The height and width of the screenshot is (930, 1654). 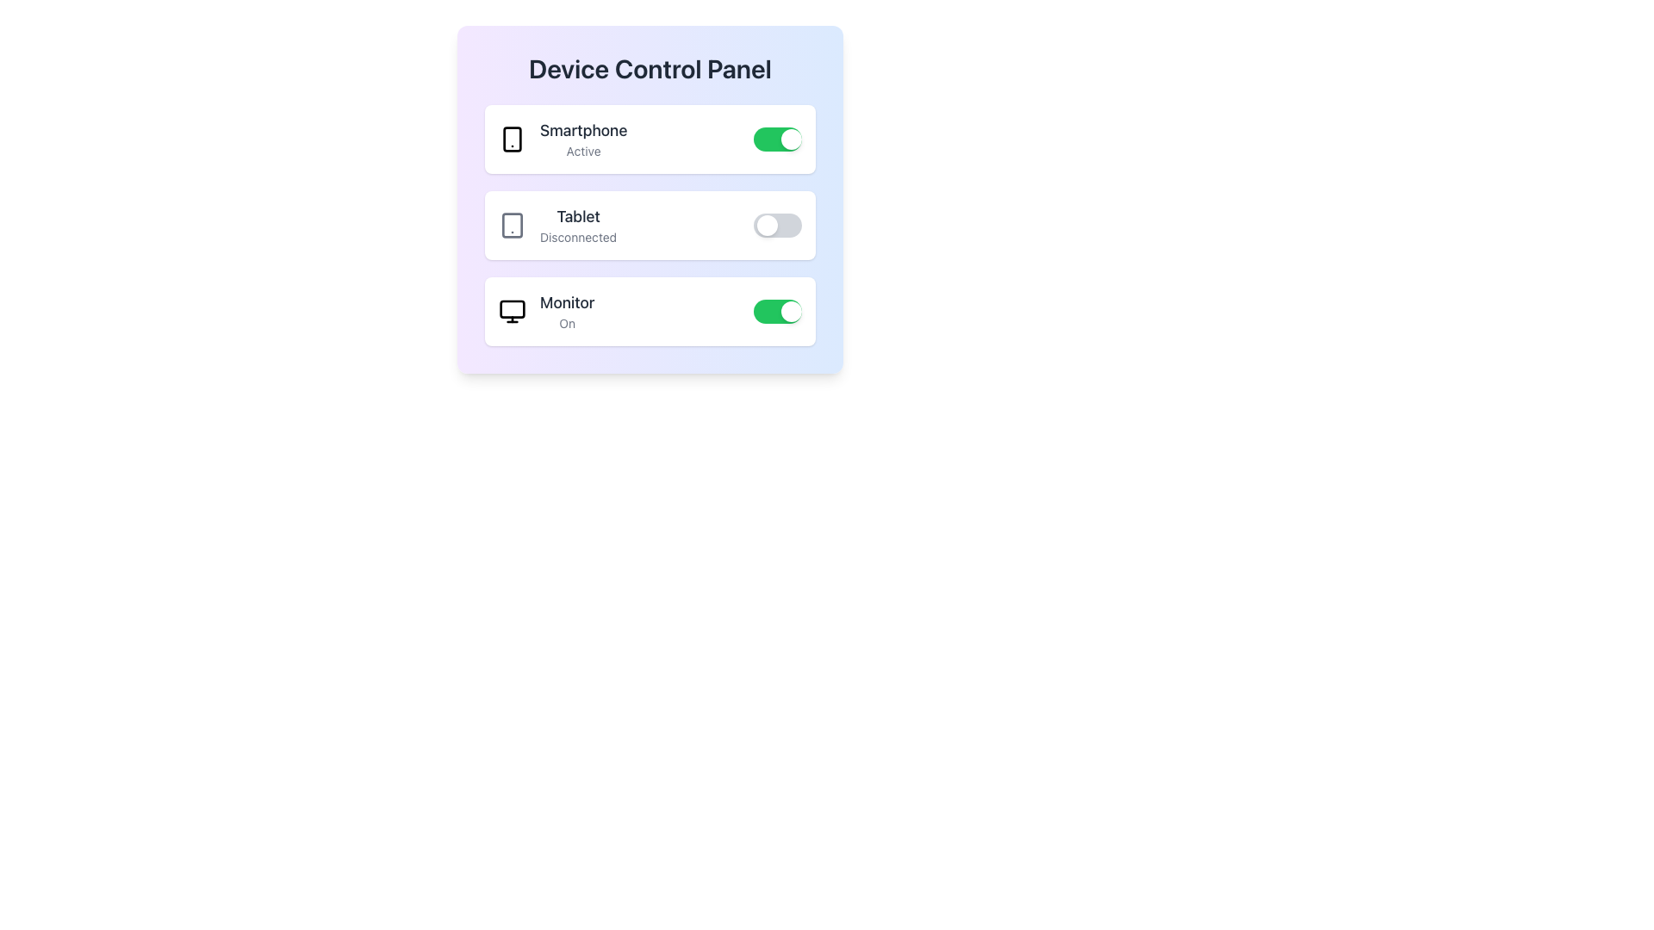 What do you see at coordinates (649, 225) in the screenshot?
I see `the toggle switch on the second card in the 'Device Control Panel'` at bounding box center [649, 225].